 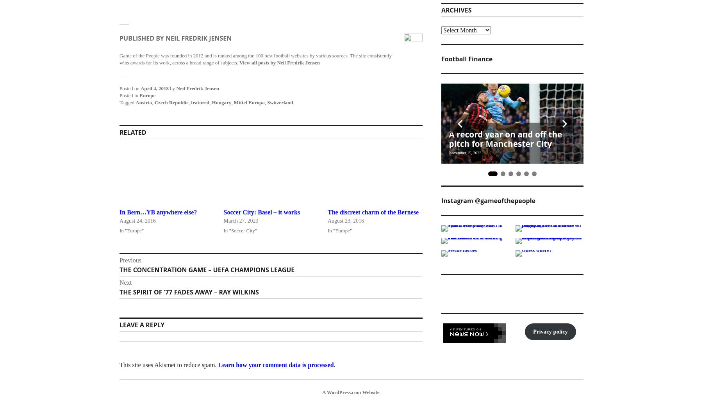 I want to click on 'Posted in', so click(x=129, y=95).